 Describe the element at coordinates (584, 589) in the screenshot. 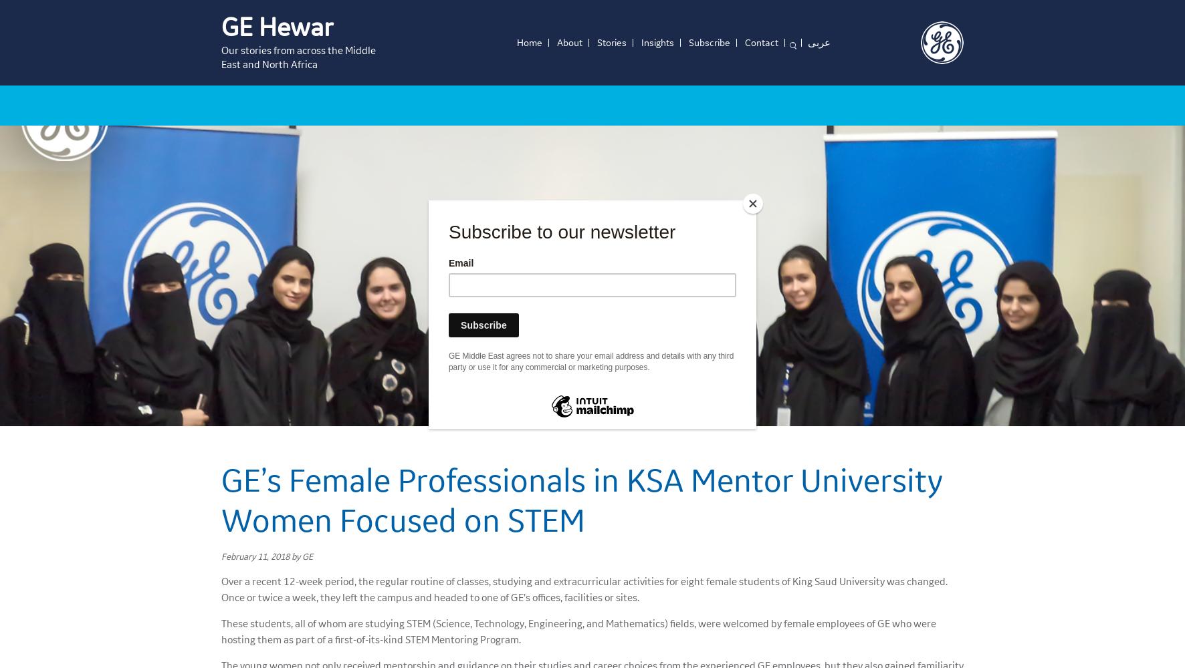

I see `'Over a recent 12-week period, the regular routine of classes, studying and extracurricular activities for eight female students of King Saud University was changed. Once or twice a week, they left the campus and headed to one of GE’s offices, facilities or sites.'` at that location.